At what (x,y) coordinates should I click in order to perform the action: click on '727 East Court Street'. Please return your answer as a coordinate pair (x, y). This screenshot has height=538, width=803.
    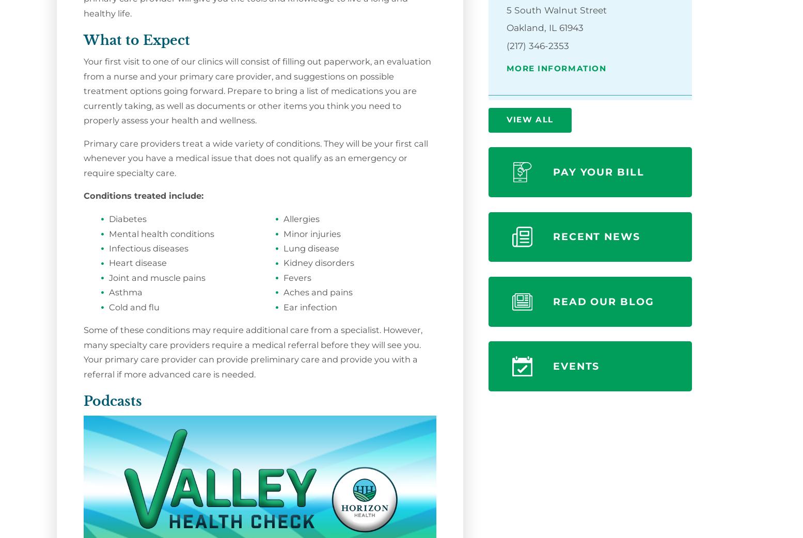
    Looking at the image, I should click on (553, 151).